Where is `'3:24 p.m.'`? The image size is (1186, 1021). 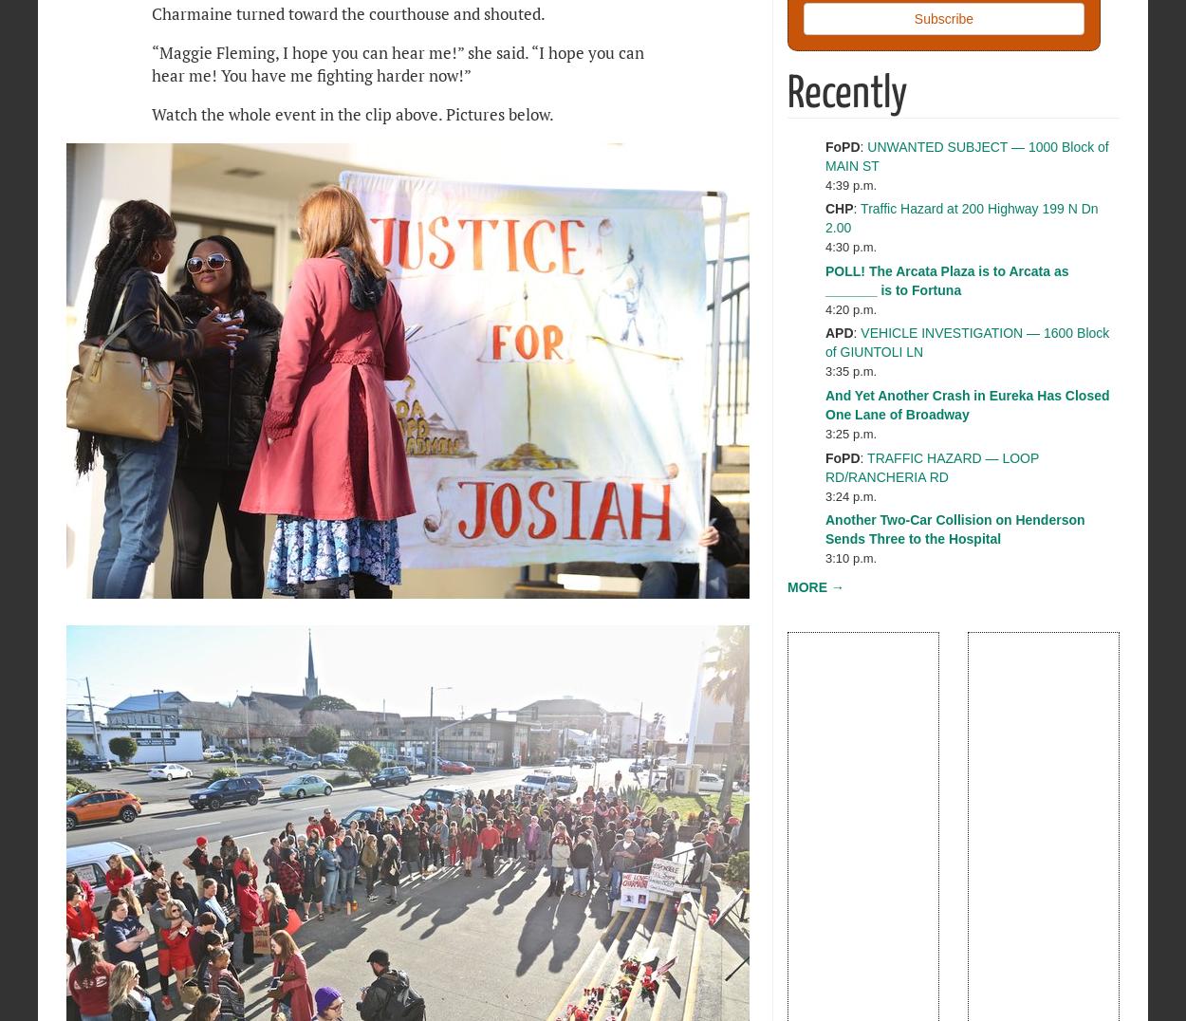 '3:24 p.m.' is located at coordinates (824, 495).